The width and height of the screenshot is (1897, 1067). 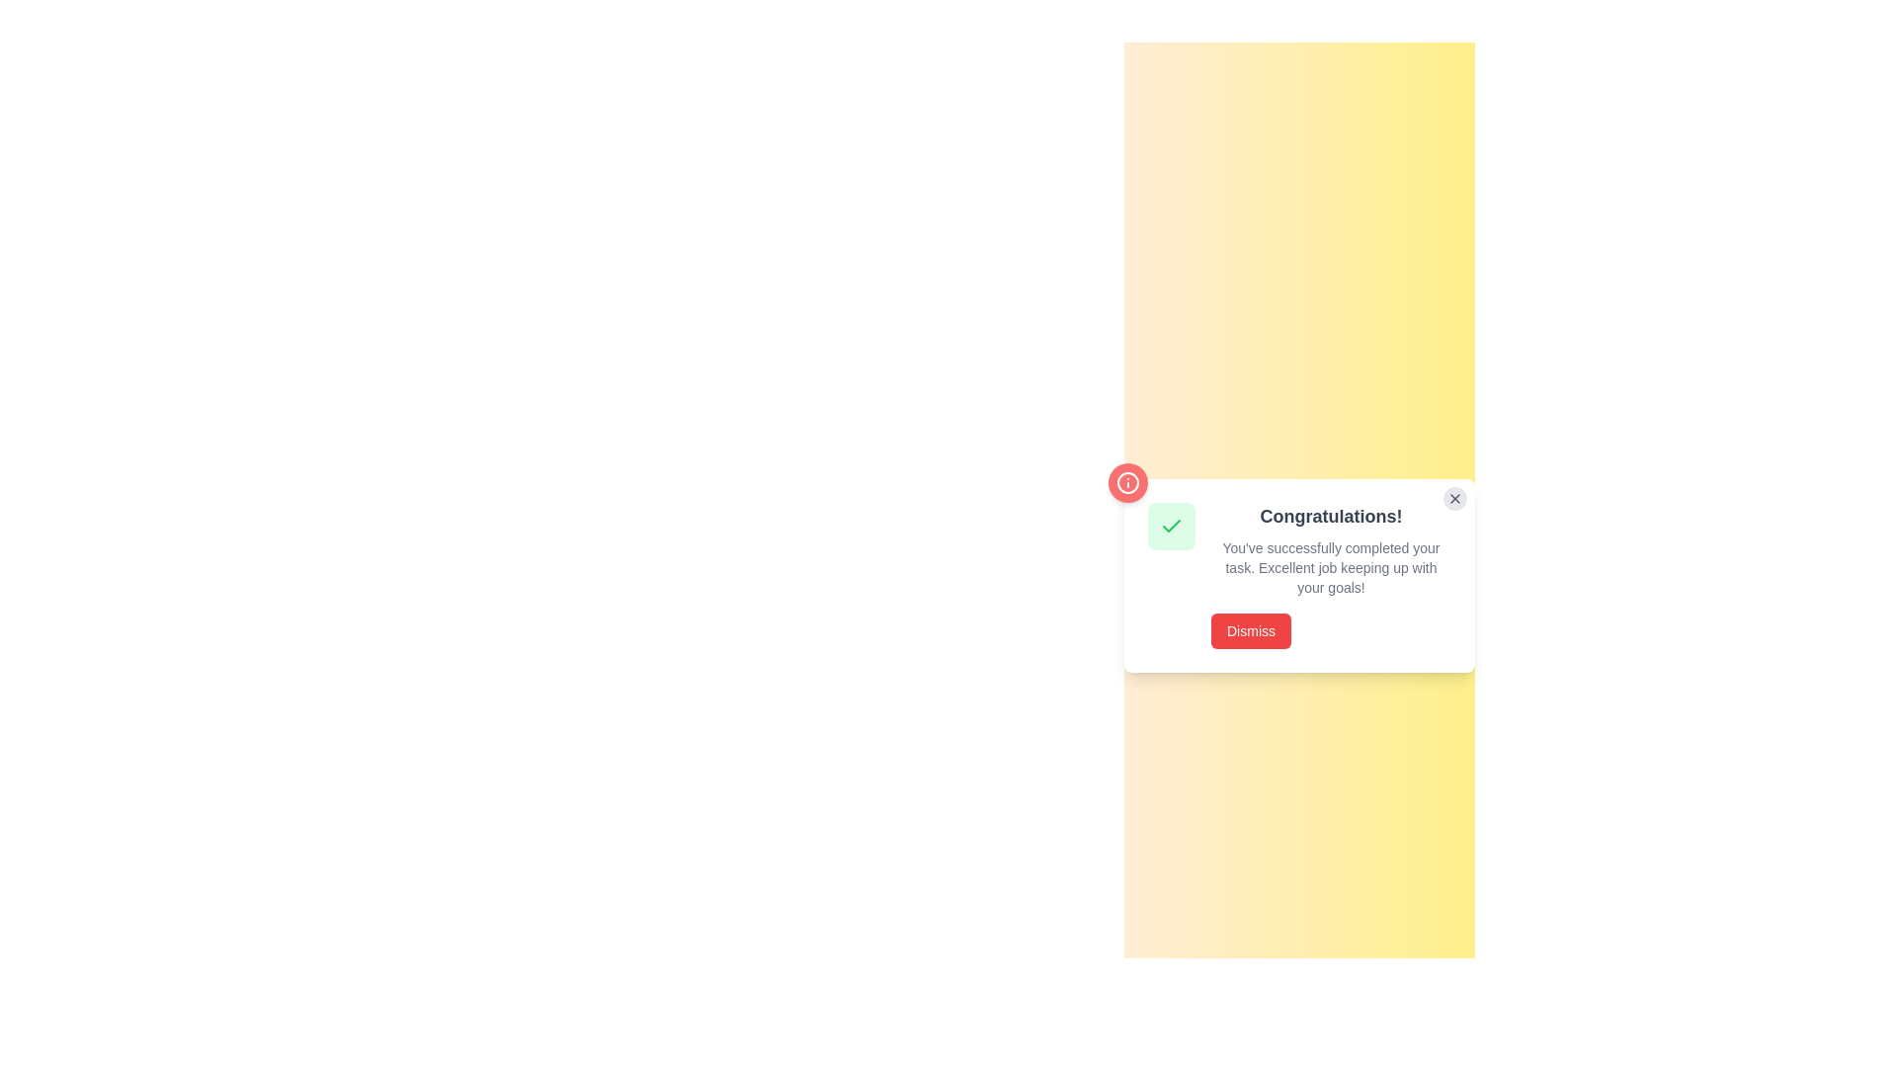 What do you see at coordinates (1171, 525) in the screenshot?
I see `the state of the success indicator icon located at the top-left corner of the notification card, just above the title text 'Congratulations!'` at bounding box center [1171, 525].